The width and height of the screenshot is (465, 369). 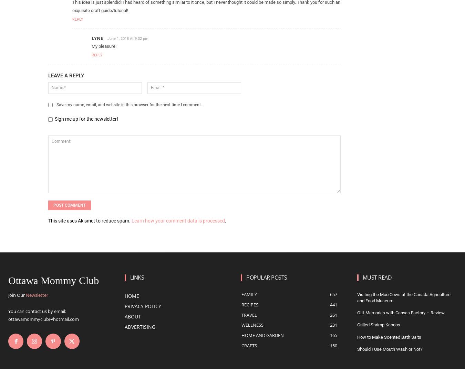 I want to click on 'My pleasure!', so click(x=91, y=45).